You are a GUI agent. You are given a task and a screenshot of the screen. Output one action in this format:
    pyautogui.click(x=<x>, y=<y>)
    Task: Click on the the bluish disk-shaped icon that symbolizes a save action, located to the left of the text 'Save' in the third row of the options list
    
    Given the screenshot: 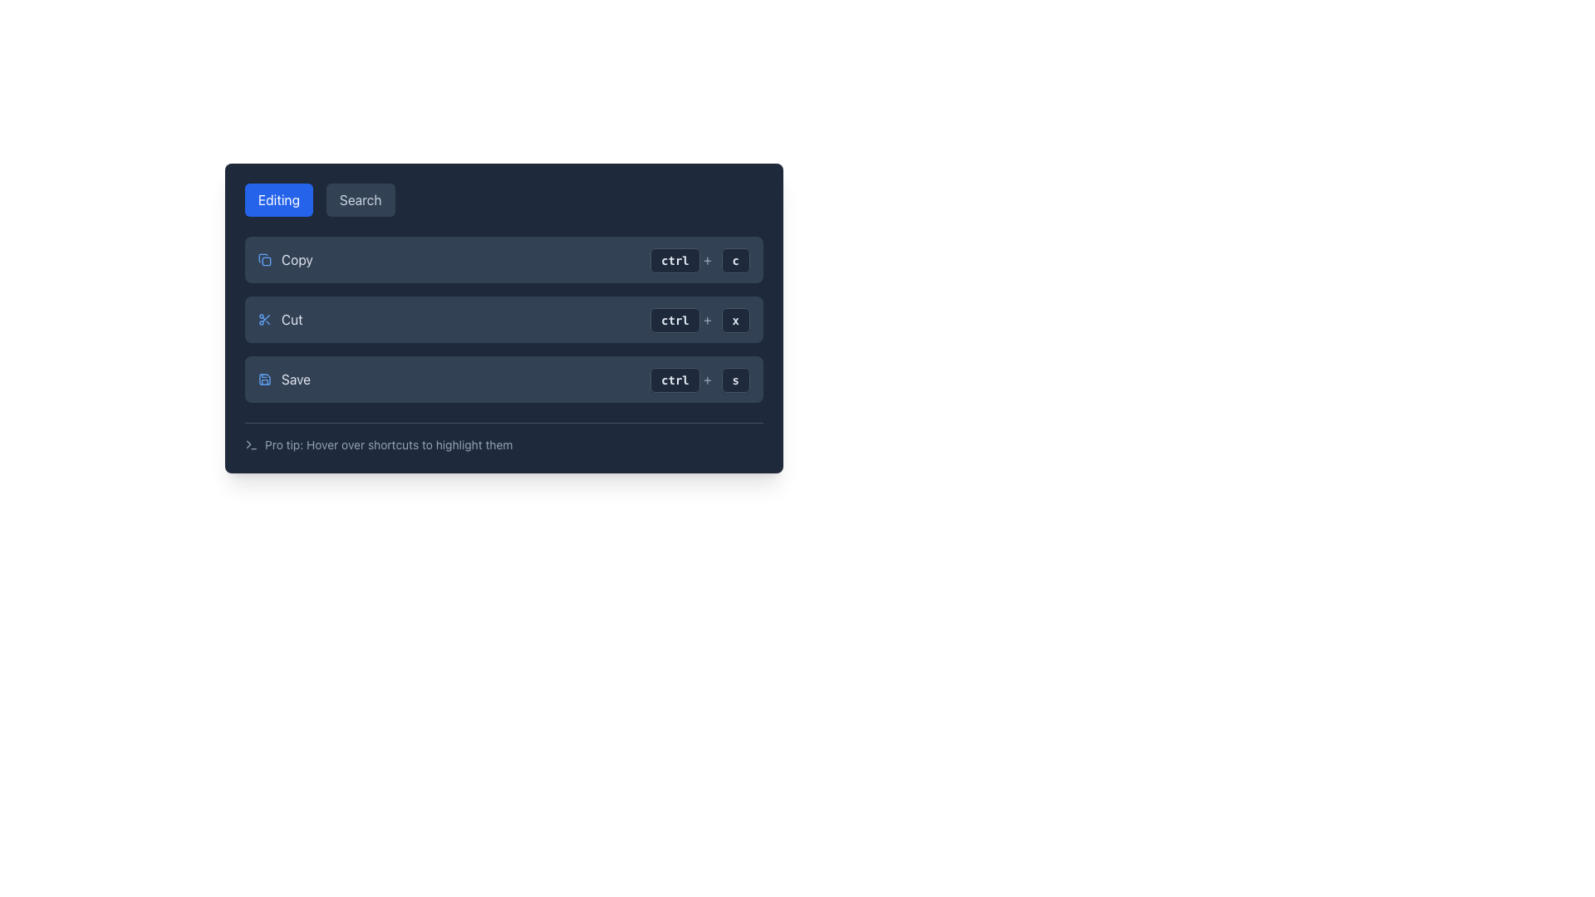 What is the action you would take?
    pyautogui.click(x=263, y=379)
    